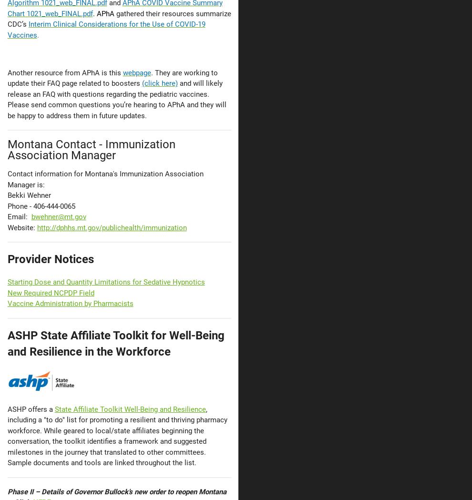 Image resolution: width=472 pixels, height=500 pixels. Describe the element at coordinates (64, 72) in the screenshot. I see `'Another resource from APhA is this'` at that location.